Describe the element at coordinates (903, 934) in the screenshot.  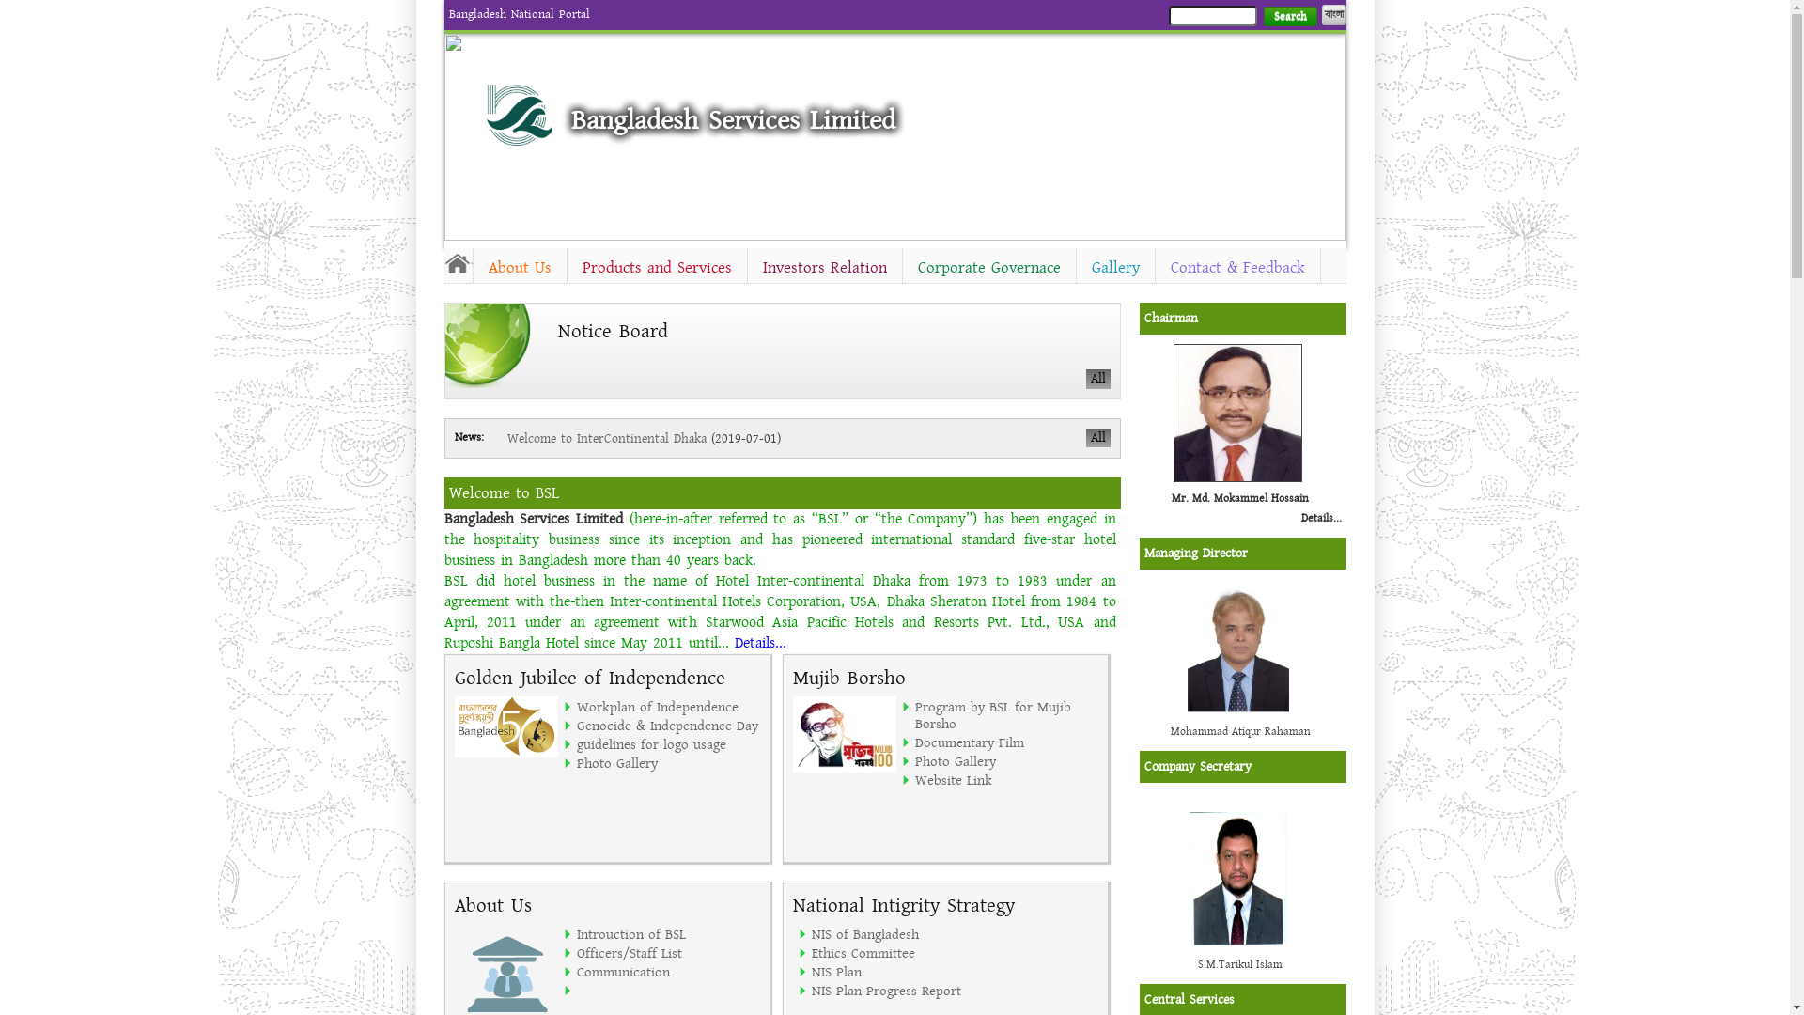
I see `'NIS of Bangladesh'` at that location.